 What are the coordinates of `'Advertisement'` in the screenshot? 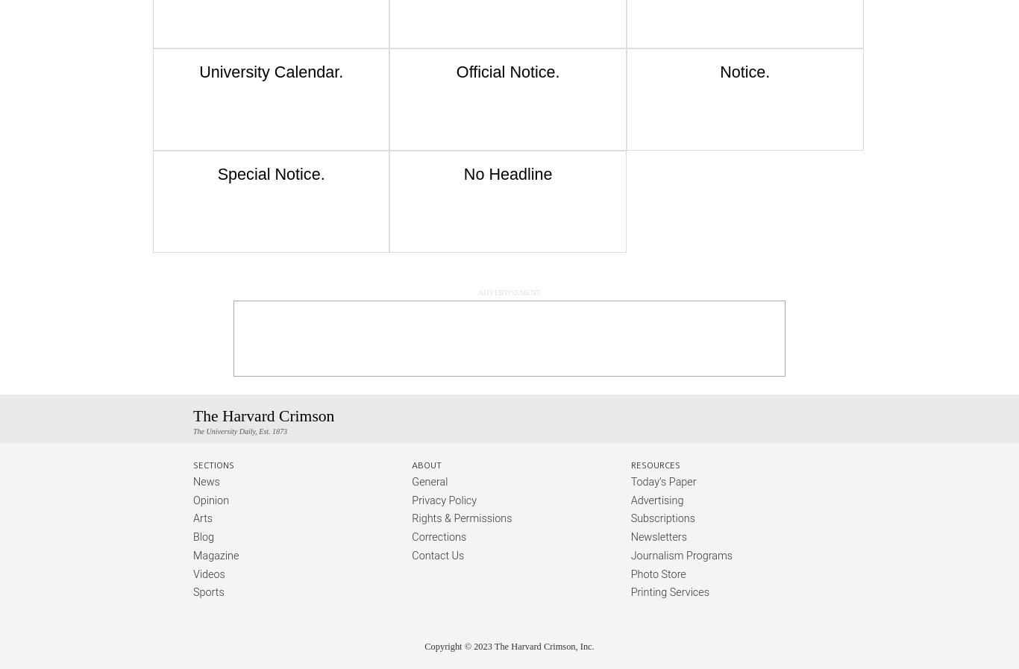 It's located at (508, 292).